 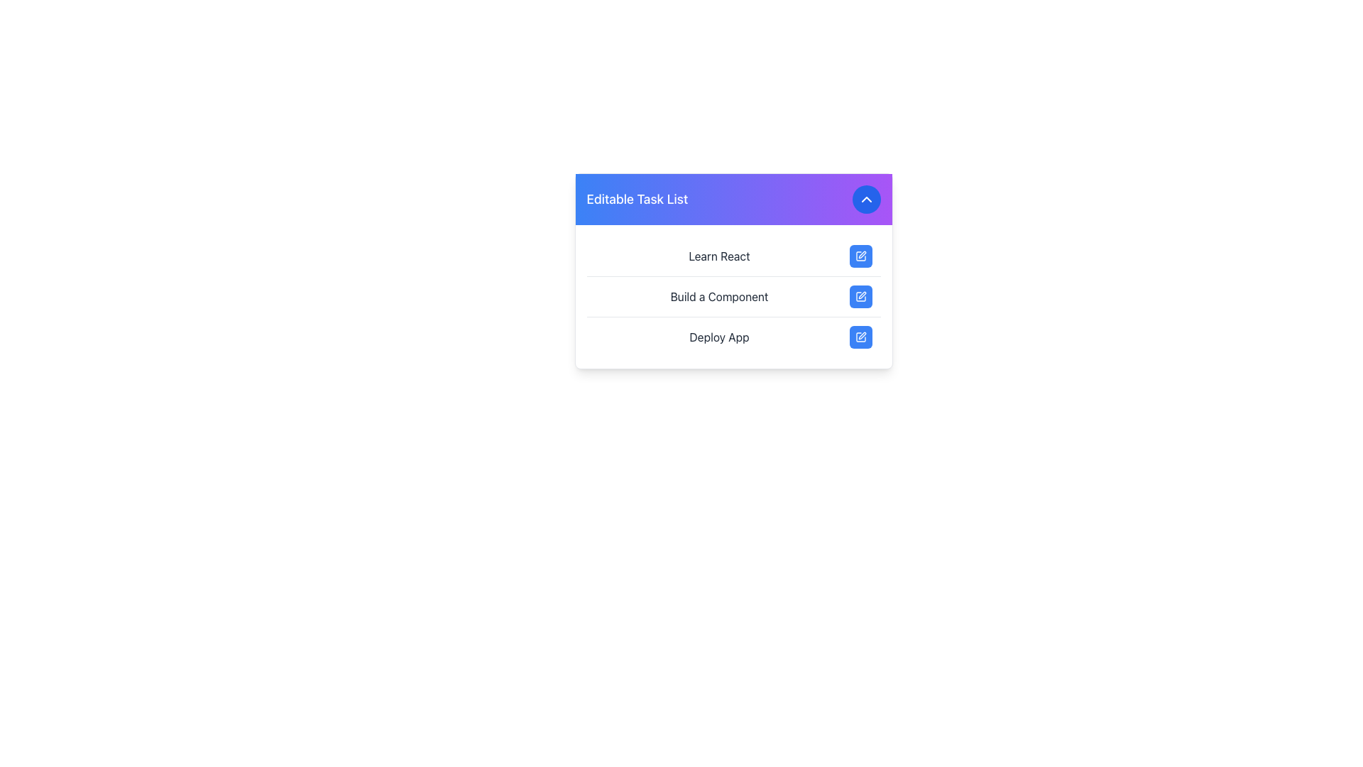 What do you see at coordinates (861, 336) in the screenshot?
I see `the 'edit' icon located on the rightmost side of the button in the 'Deploy App' row to initiate the edit mode for the task` at bounding box center [861, 336].